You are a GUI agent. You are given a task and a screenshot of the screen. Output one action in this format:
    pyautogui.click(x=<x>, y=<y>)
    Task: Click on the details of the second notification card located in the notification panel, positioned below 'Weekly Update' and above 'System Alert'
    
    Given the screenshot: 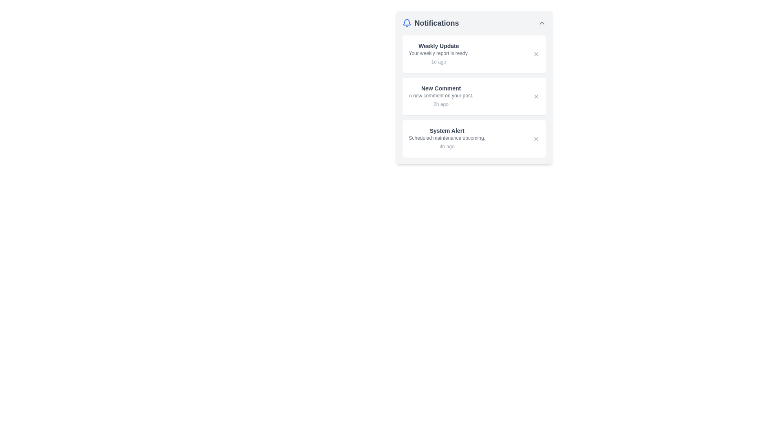 What is the action you would take?
    pyautogui.click(x=440, y=96)
    